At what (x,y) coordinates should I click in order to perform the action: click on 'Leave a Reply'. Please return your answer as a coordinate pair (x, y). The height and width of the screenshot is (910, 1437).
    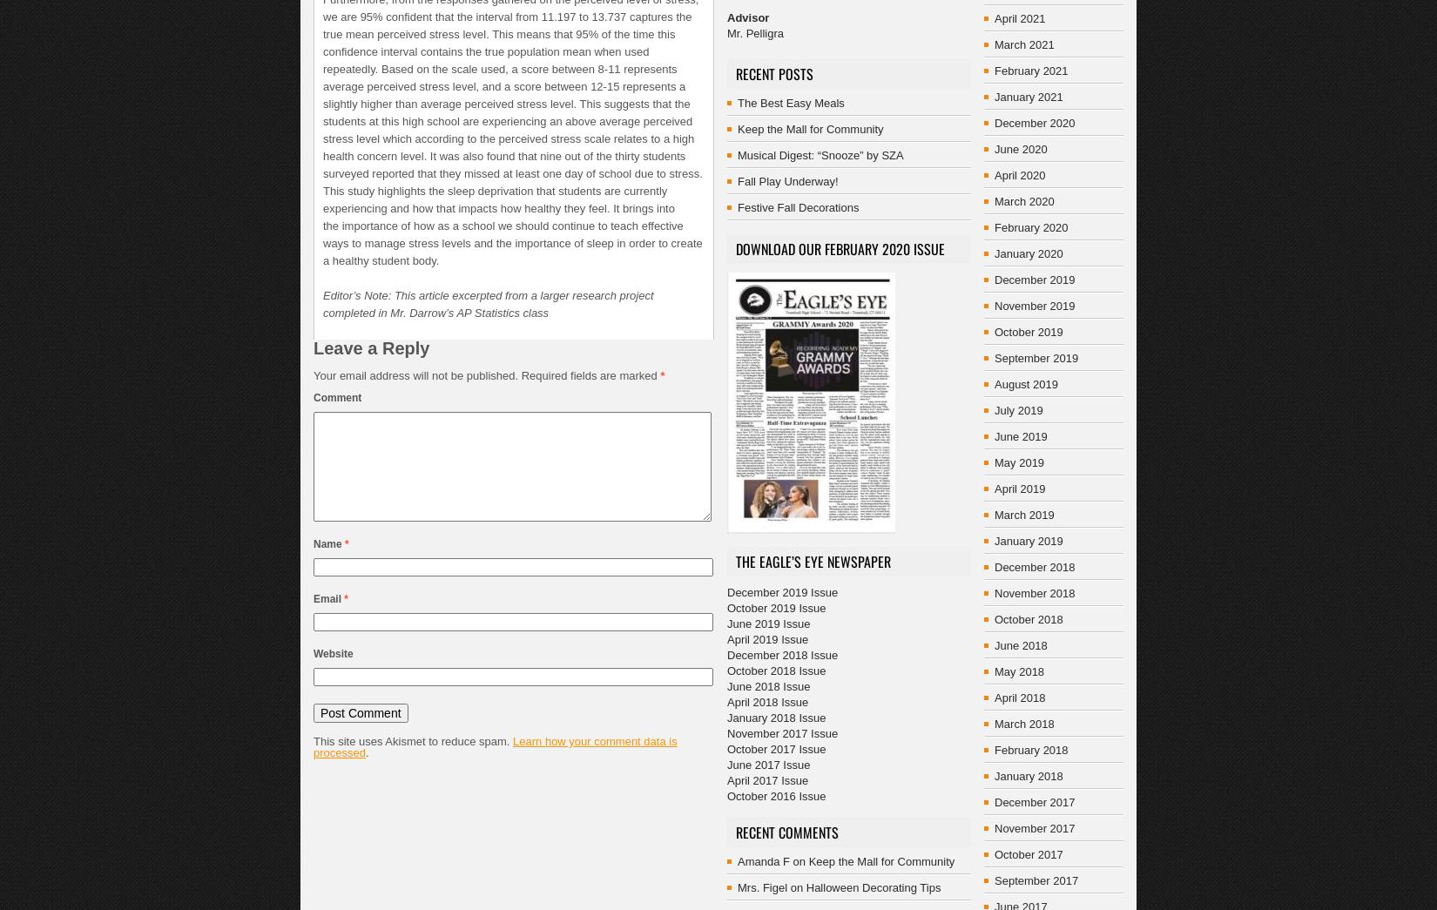
    Looking at the image, I should click on (314, 347).